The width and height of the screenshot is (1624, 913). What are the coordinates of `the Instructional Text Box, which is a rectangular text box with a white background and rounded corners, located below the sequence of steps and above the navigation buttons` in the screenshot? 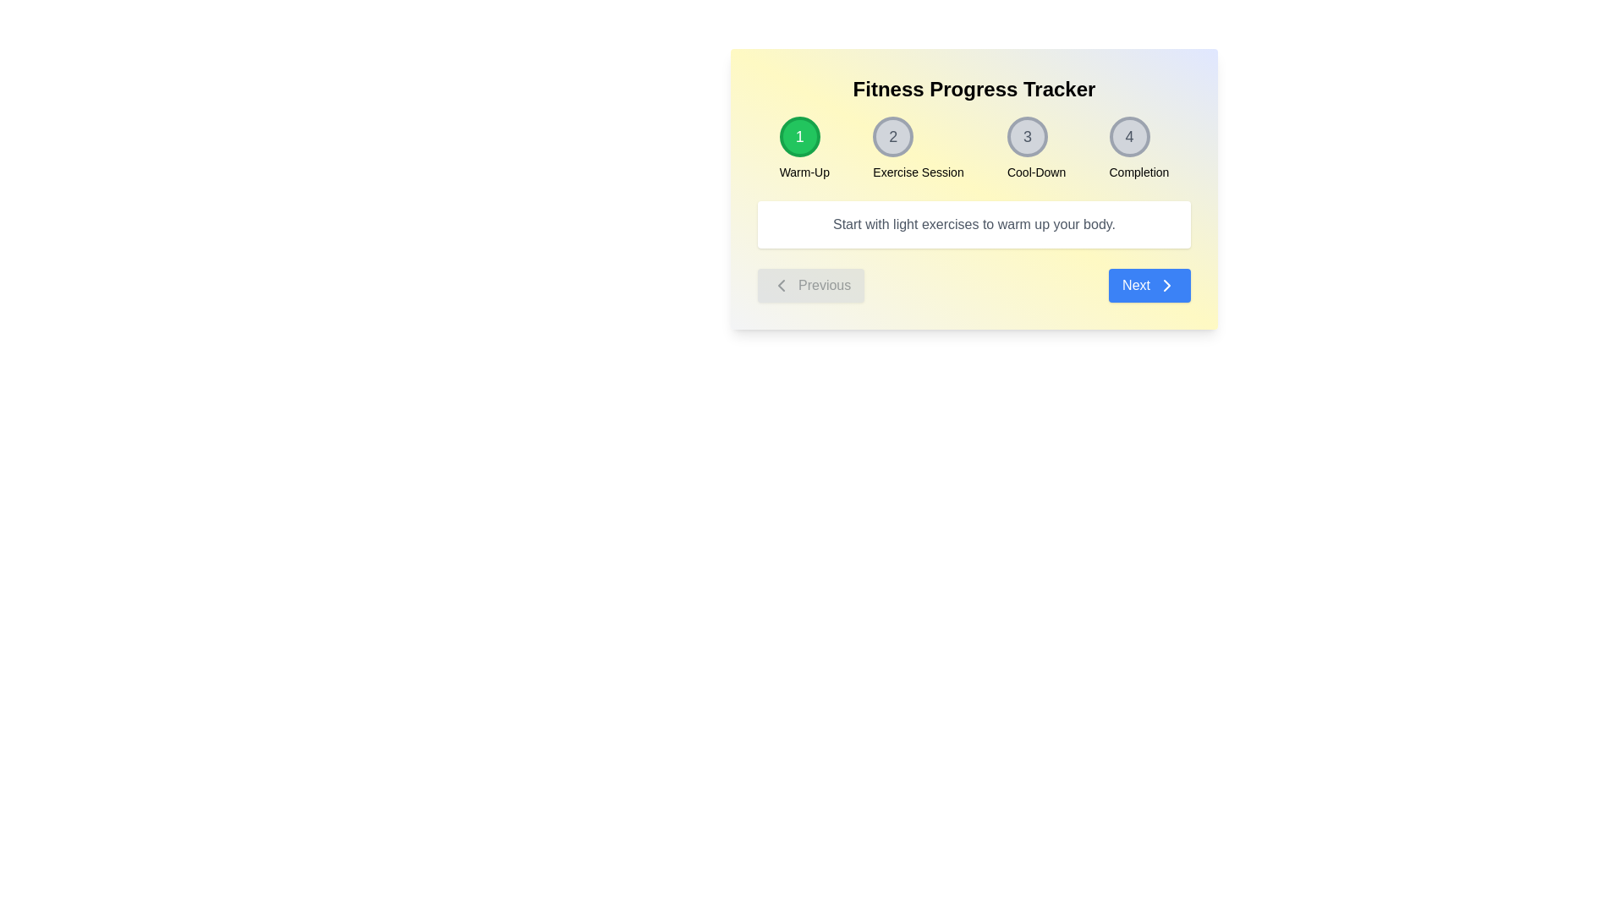 It's located at (974, 224).